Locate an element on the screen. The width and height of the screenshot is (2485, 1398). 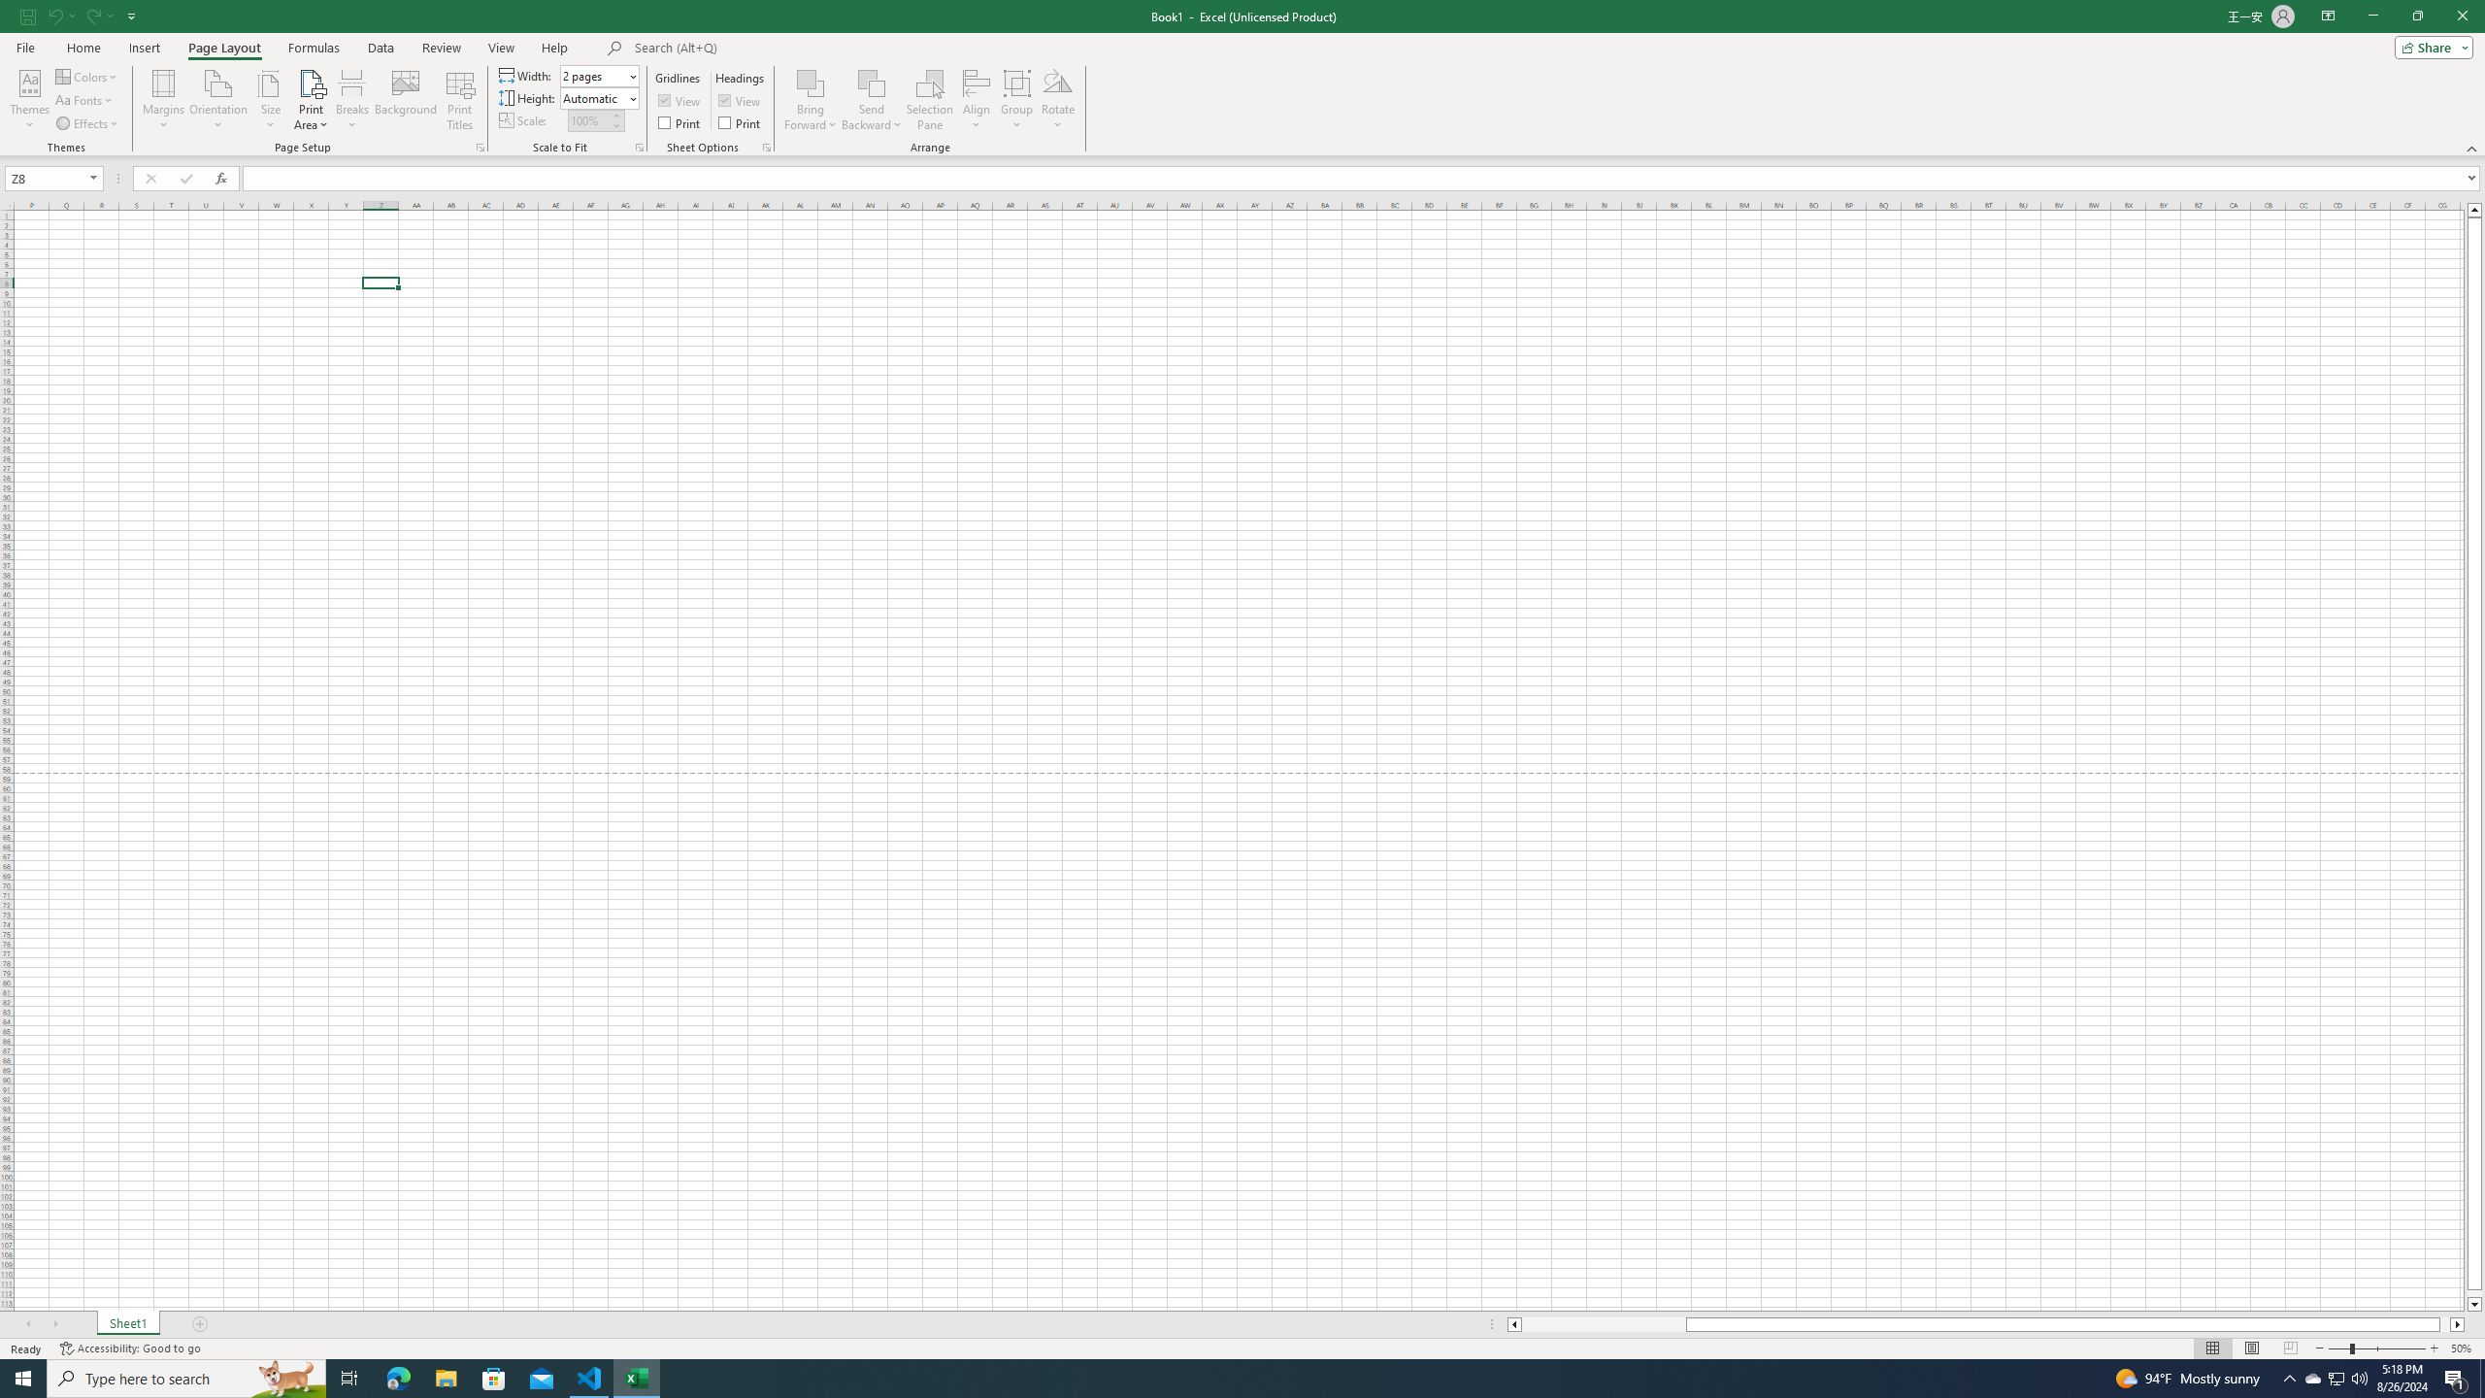
'Print Titles' is located at coordinates (458, 100).